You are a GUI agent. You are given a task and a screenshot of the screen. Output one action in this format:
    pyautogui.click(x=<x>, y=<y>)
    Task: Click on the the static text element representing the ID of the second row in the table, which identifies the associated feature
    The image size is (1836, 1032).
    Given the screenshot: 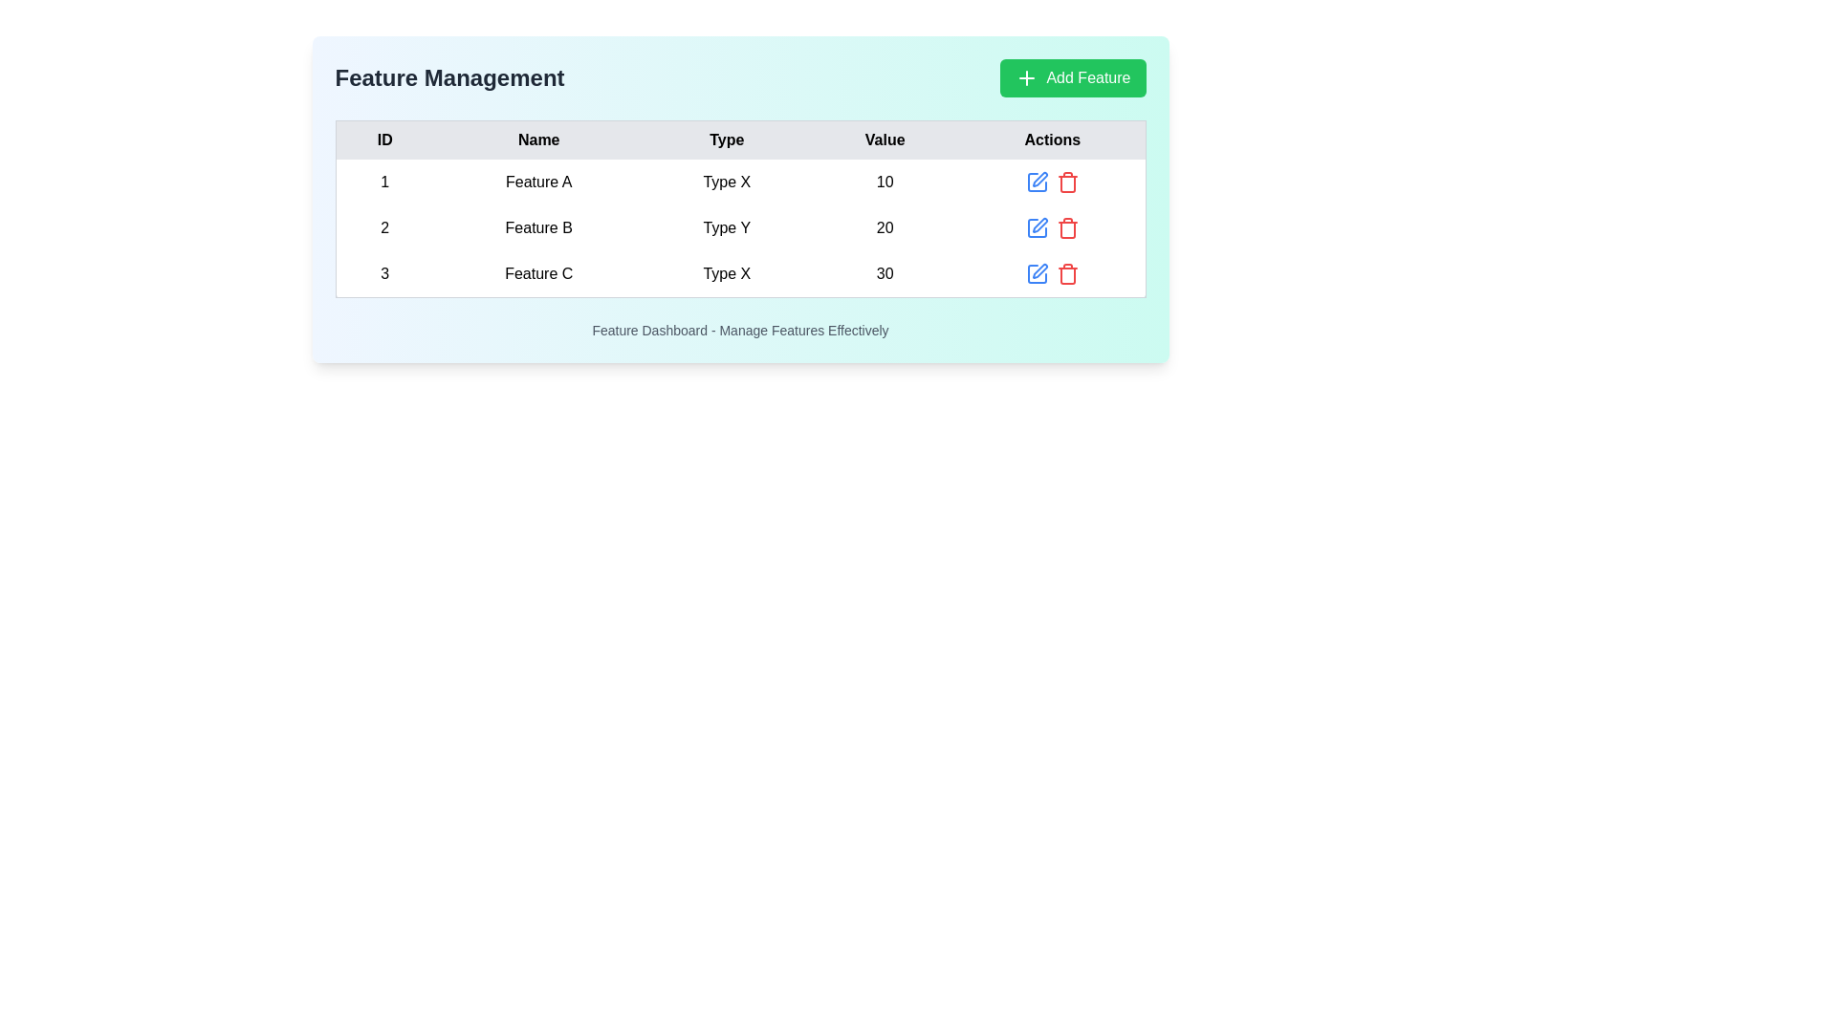 What is the action you would take?
    pyautogui.click(x=383, y=227)
    